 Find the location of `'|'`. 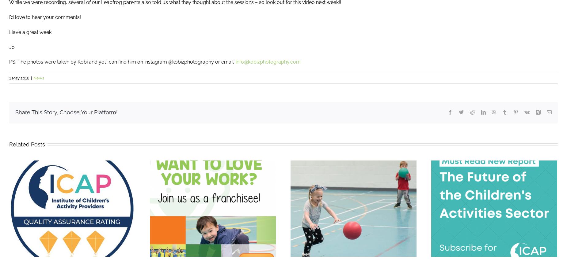

'|' is located at coordinates (31, 78).